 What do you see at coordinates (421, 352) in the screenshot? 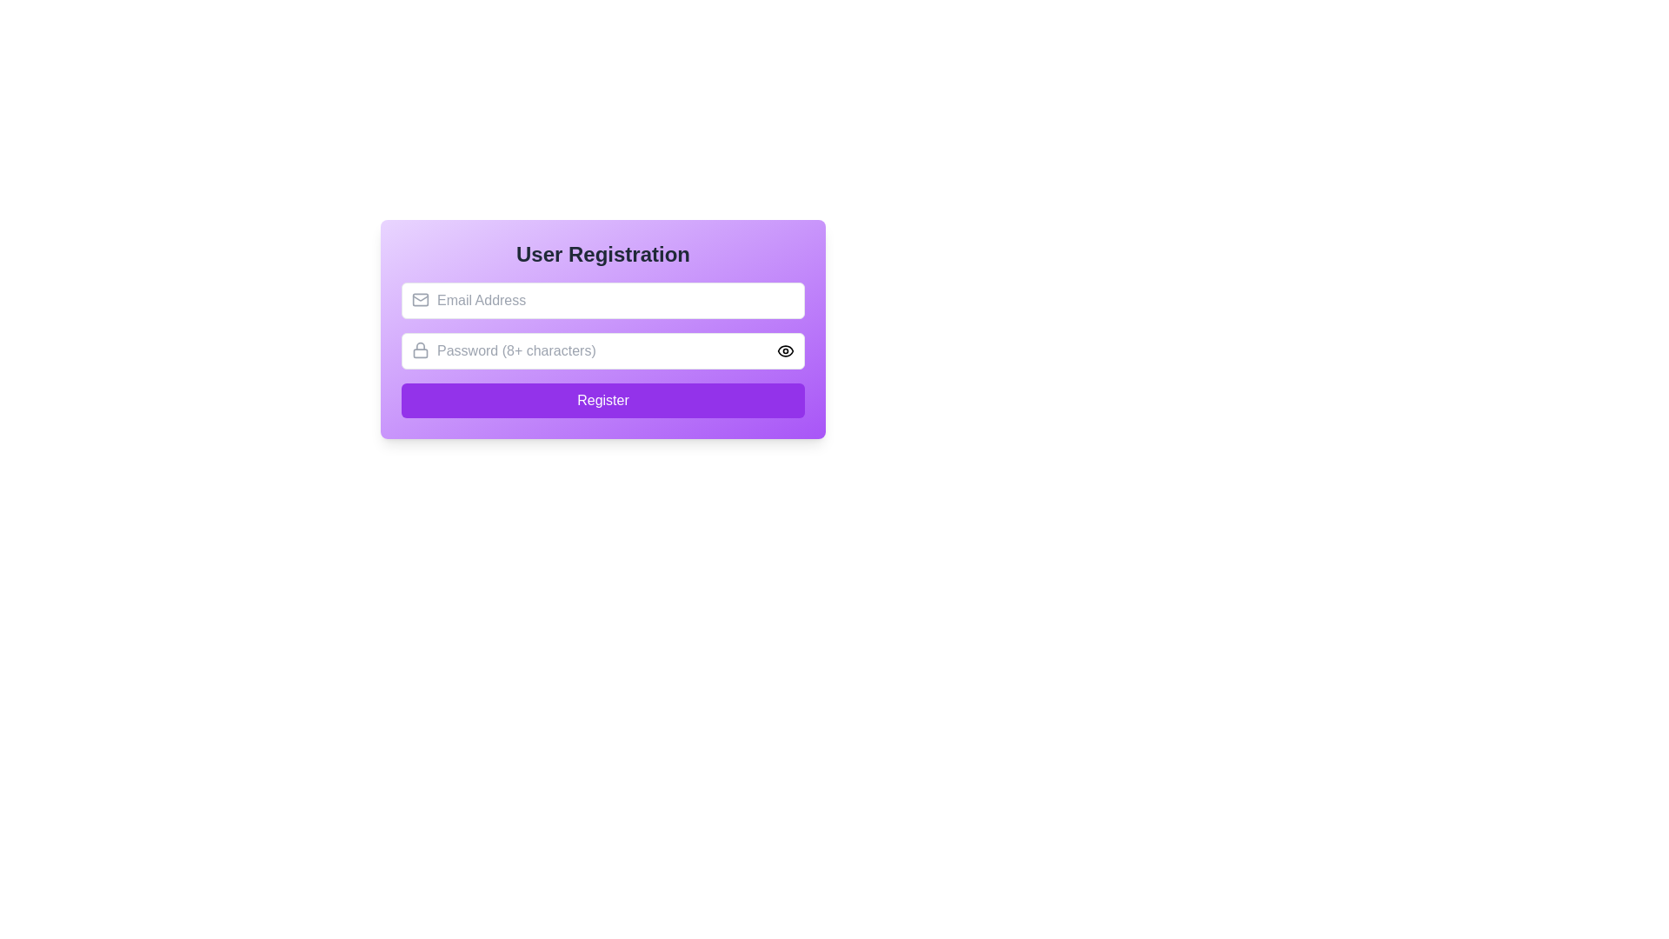
I see `the main body of the lock icon, which symbolizes security for the password input field labeled 'Password (8+ characters)'` at bounding box center [421, 352].